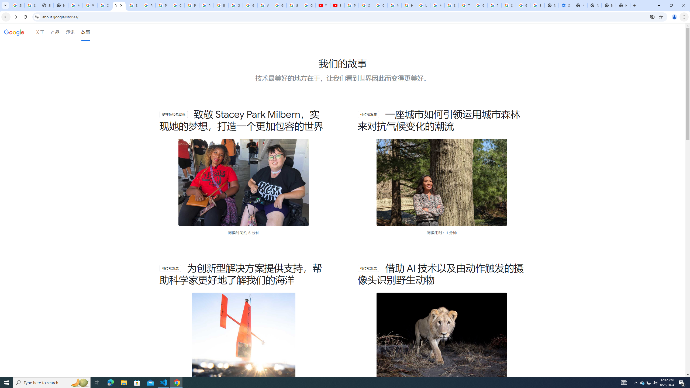 This screenshot has width=690, height=388. What do you see at coordinates (508, 5) in the screenshot?
I see `'Sign in - Google Accounts'` at bounding box center [508, 5].